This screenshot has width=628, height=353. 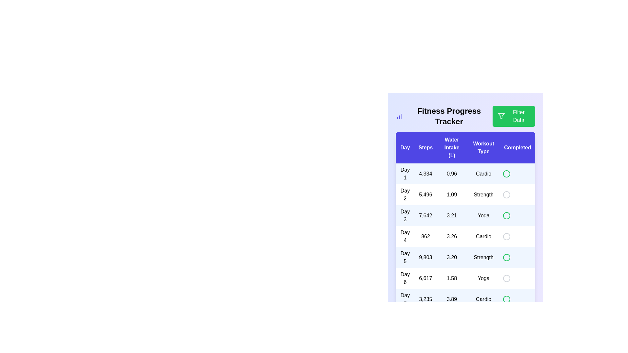 What do you see at coordinates (426, 147) in the screenshot?
I see `the header of the column 'Steps' to sort the table by that column` at bounding box center [426, 147].